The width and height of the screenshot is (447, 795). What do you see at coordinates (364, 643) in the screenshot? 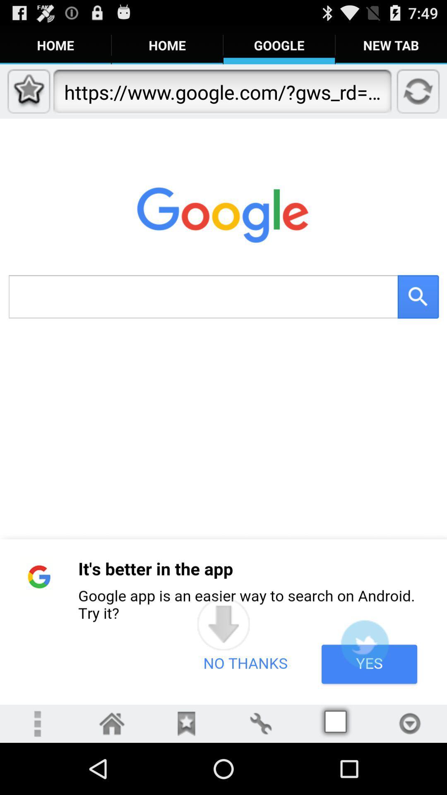
I see `twitter page` at bounding box center [364, 643].